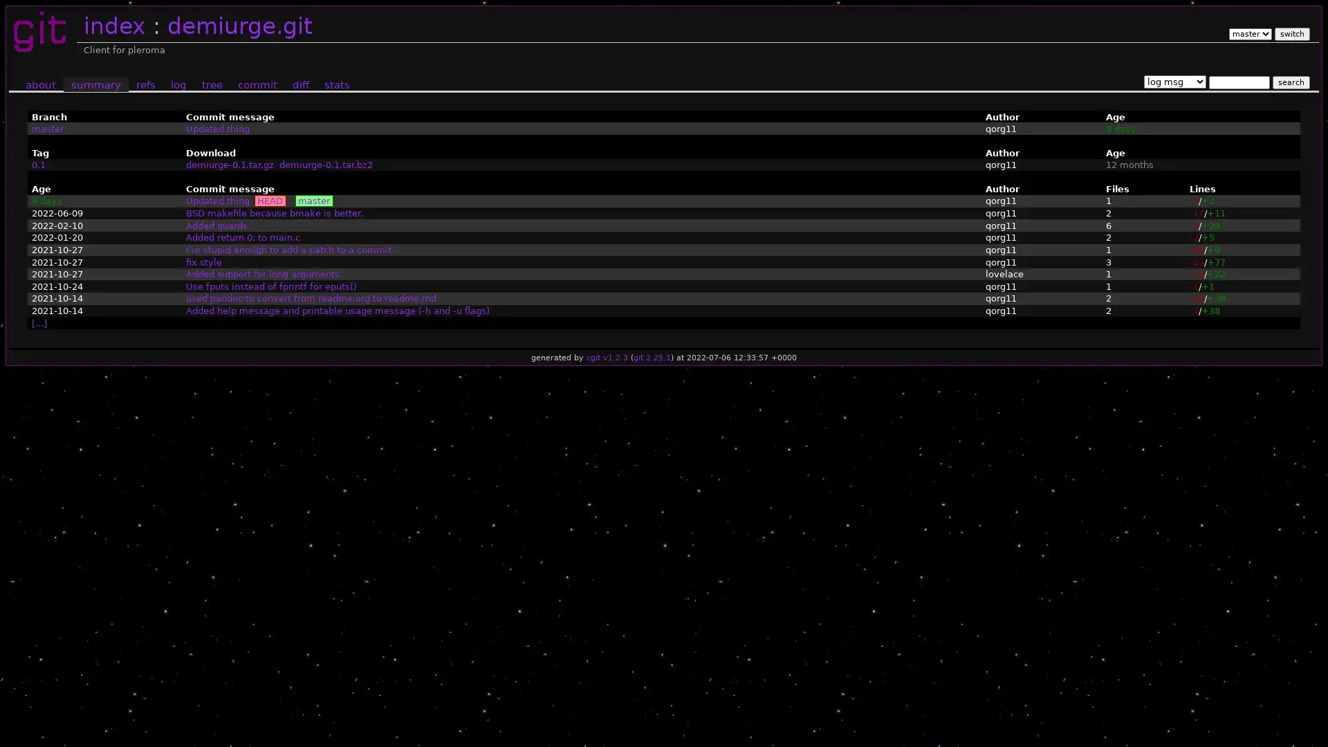 This screenshot has height=747, width=1328. I want to click on switch, so click(1291, 33).